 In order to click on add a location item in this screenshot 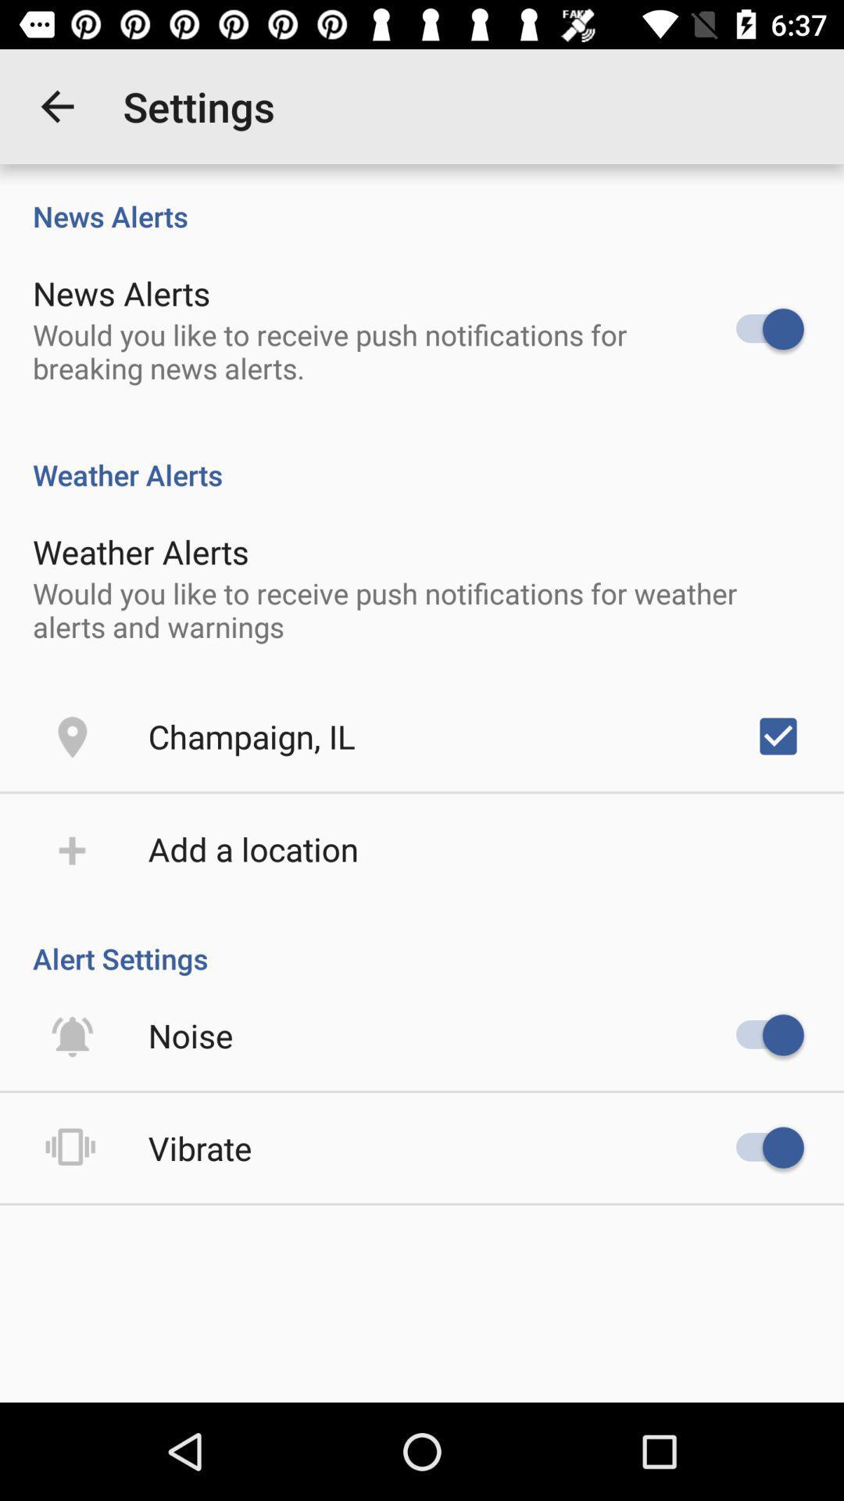, I will do `click(252, 847)`.